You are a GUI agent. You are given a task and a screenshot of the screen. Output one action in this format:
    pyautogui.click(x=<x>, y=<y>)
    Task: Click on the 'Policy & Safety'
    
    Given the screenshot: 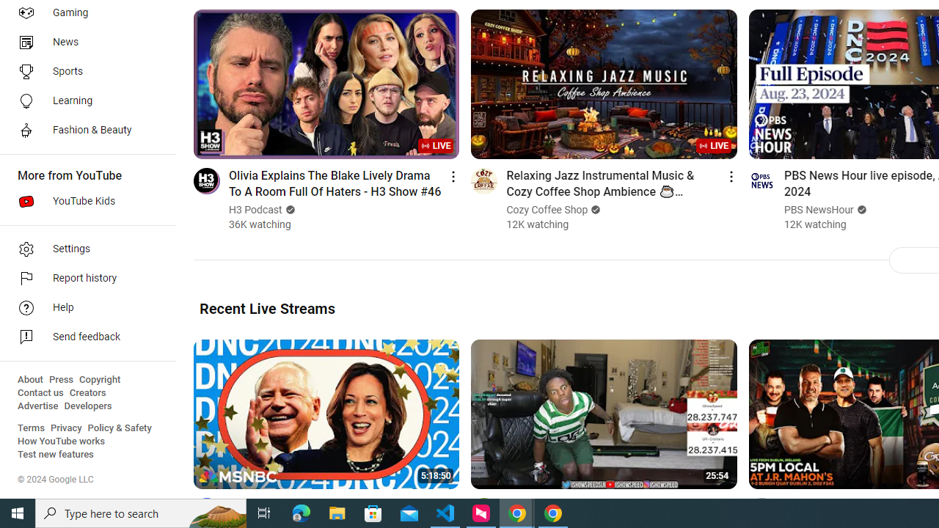 What is the action you would take?
    pyautogui.click(x=120, y=428)
    